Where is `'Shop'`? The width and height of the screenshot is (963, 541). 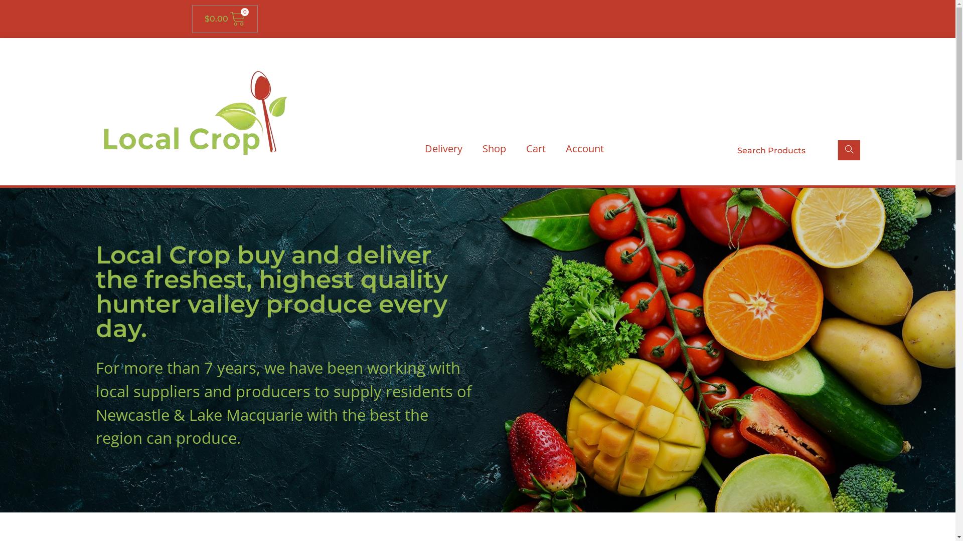
'Shop' is located at coordinates (494, 149).